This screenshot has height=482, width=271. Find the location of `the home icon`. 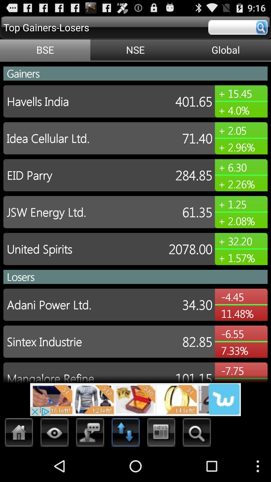

the home icon is located at coordinates (19, 464).